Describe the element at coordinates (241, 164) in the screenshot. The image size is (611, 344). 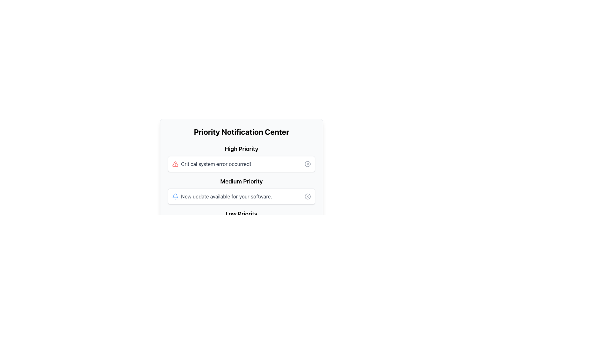
I see `notification message from the first Notification Card in the 'High Priority' section of the 'Priority Notification Center', which displays 'Critical system error occurred!'` at that location.